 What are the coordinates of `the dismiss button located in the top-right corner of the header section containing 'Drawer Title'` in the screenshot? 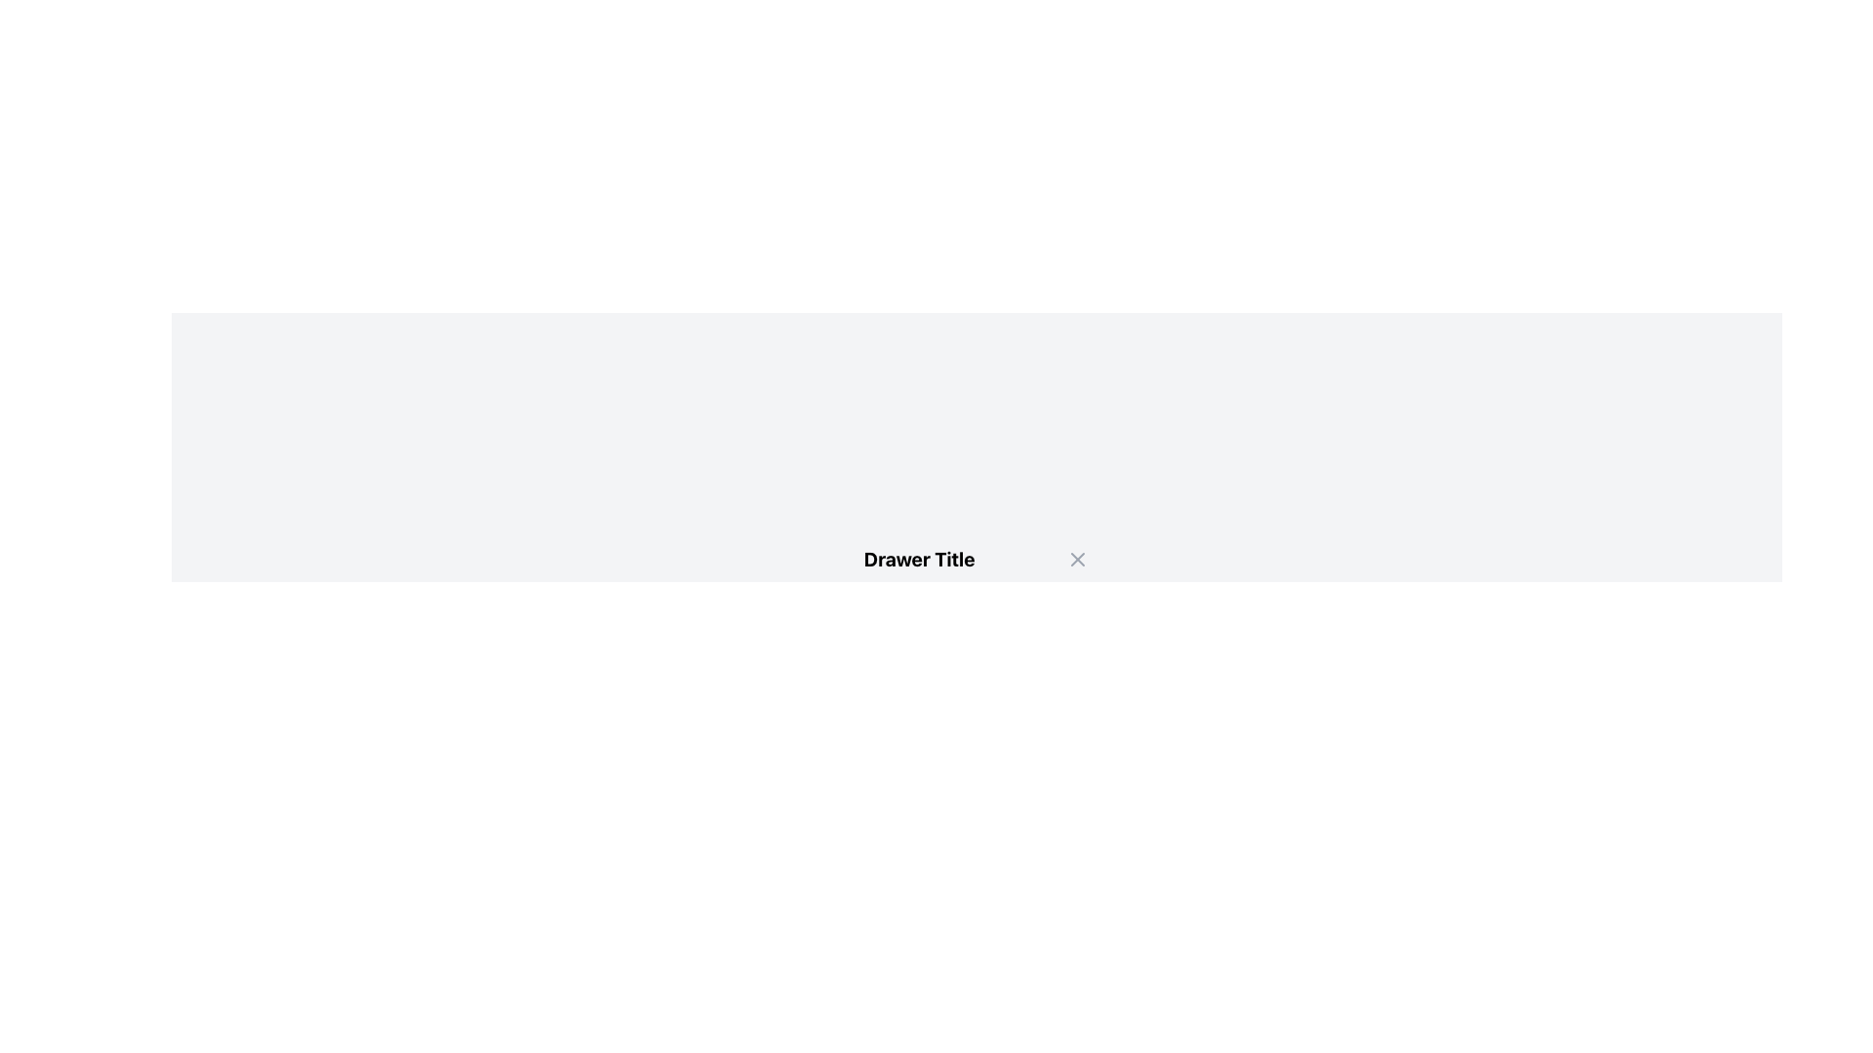 It's located at (1077, 560).